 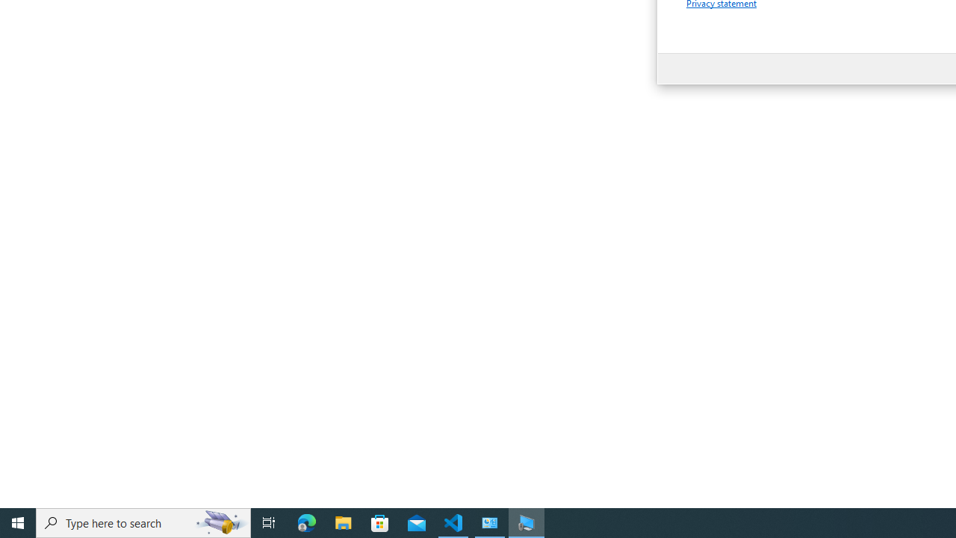 What do you see at coordinates (453, 522) in the screenshot?
I see `'Visual Studio Code - 1 running window'` at bounding box center [453, 522].